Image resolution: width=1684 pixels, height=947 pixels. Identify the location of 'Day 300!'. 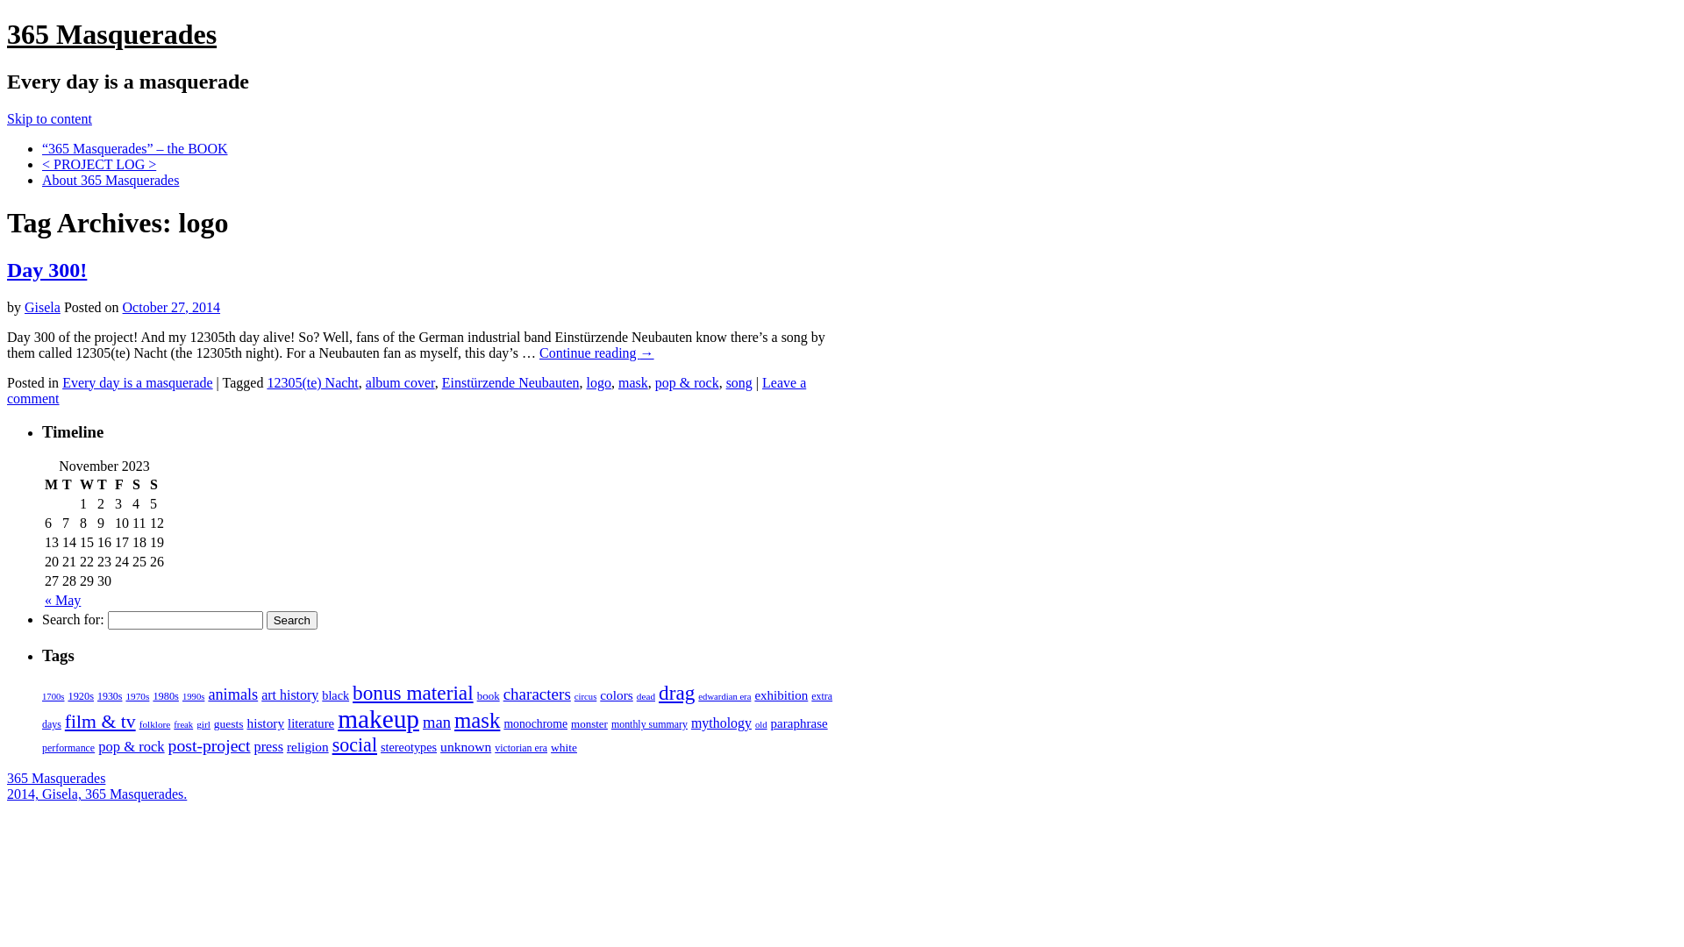
(46, 270).